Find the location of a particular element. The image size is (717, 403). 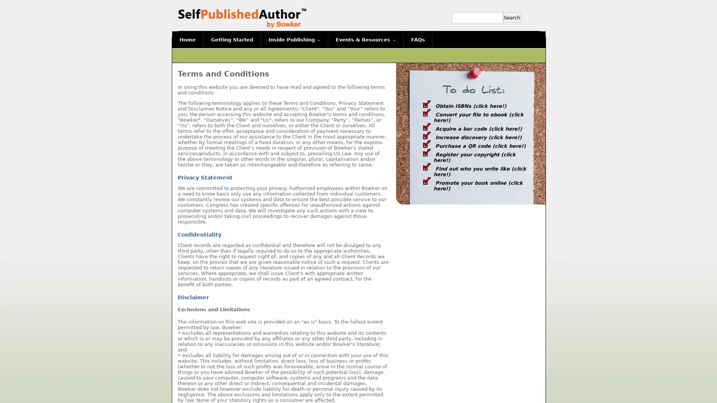

Search is located at coordinates (512, 17).